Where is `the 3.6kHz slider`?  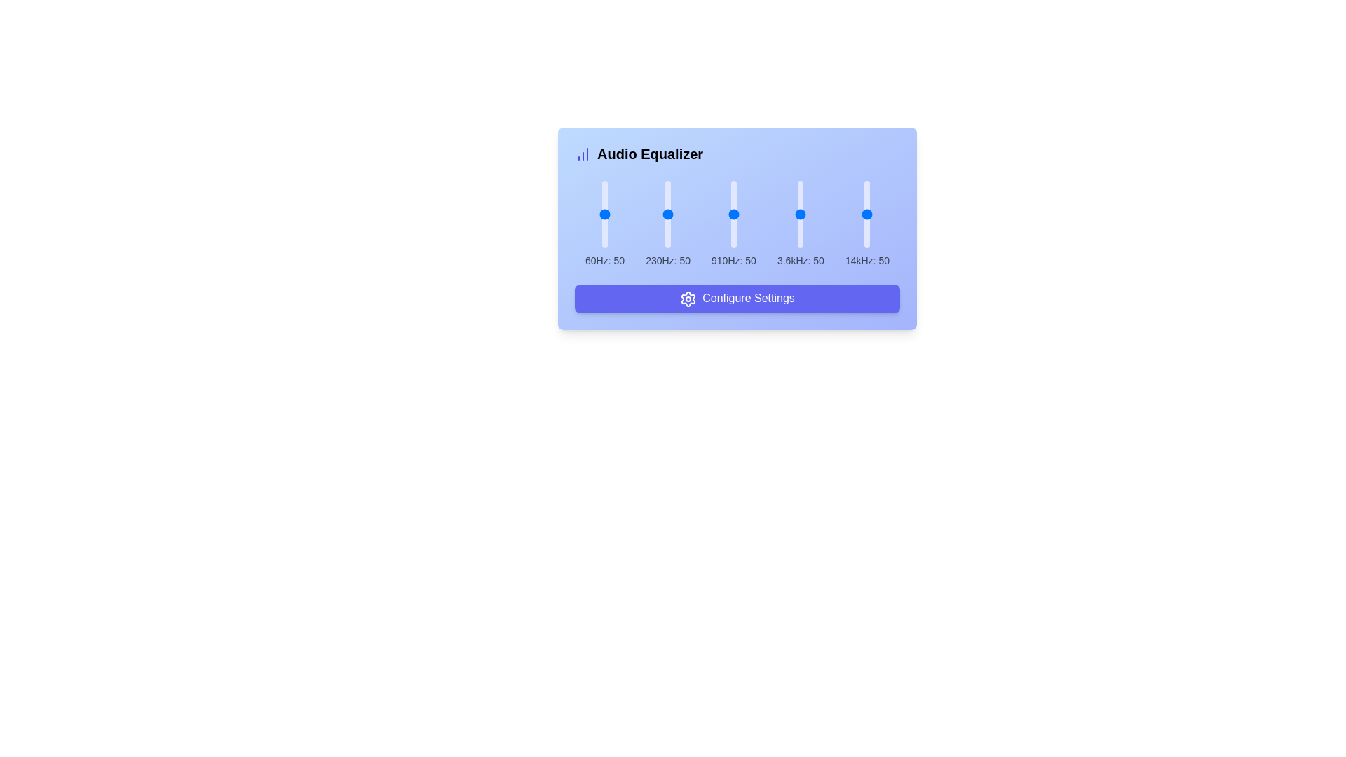
the 3.6kHz slider is located at coordinates (801, 222).